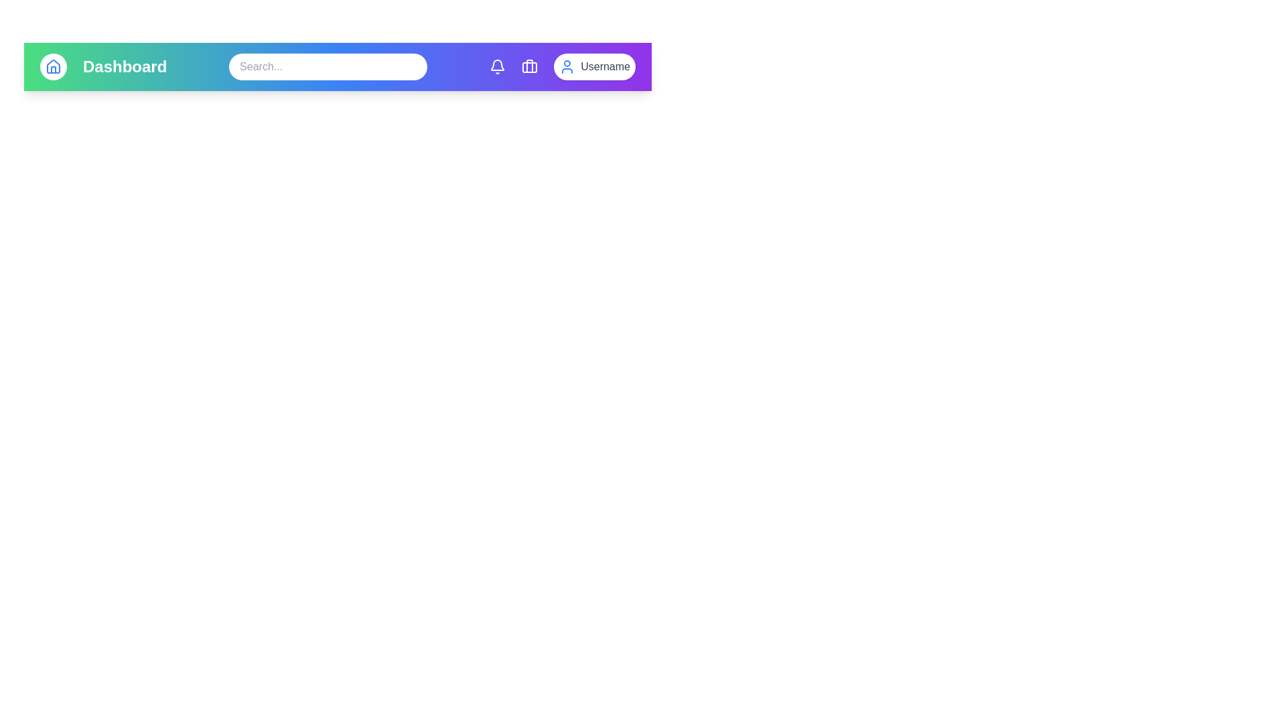 This screenshot has width=1286, height=723. I want to click on the user profile button to access user profile options, so click(594, 67).